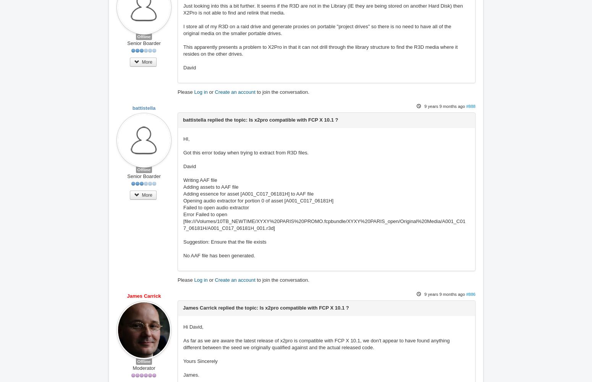 The image size is (592, 382). What do you see at coordinates (193, 327) in the screenshot?
I see `'Hi David,'` at bounding box center [193, 327].